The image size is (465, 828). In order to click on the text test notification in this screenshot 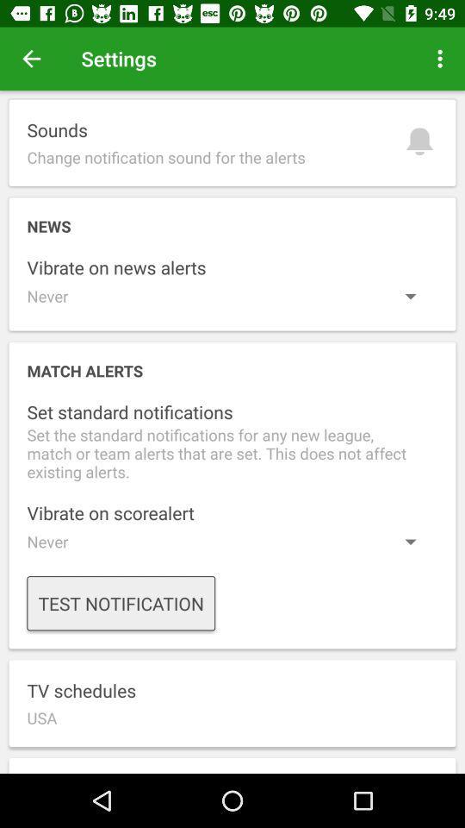, I will do `click(120, 603)`.